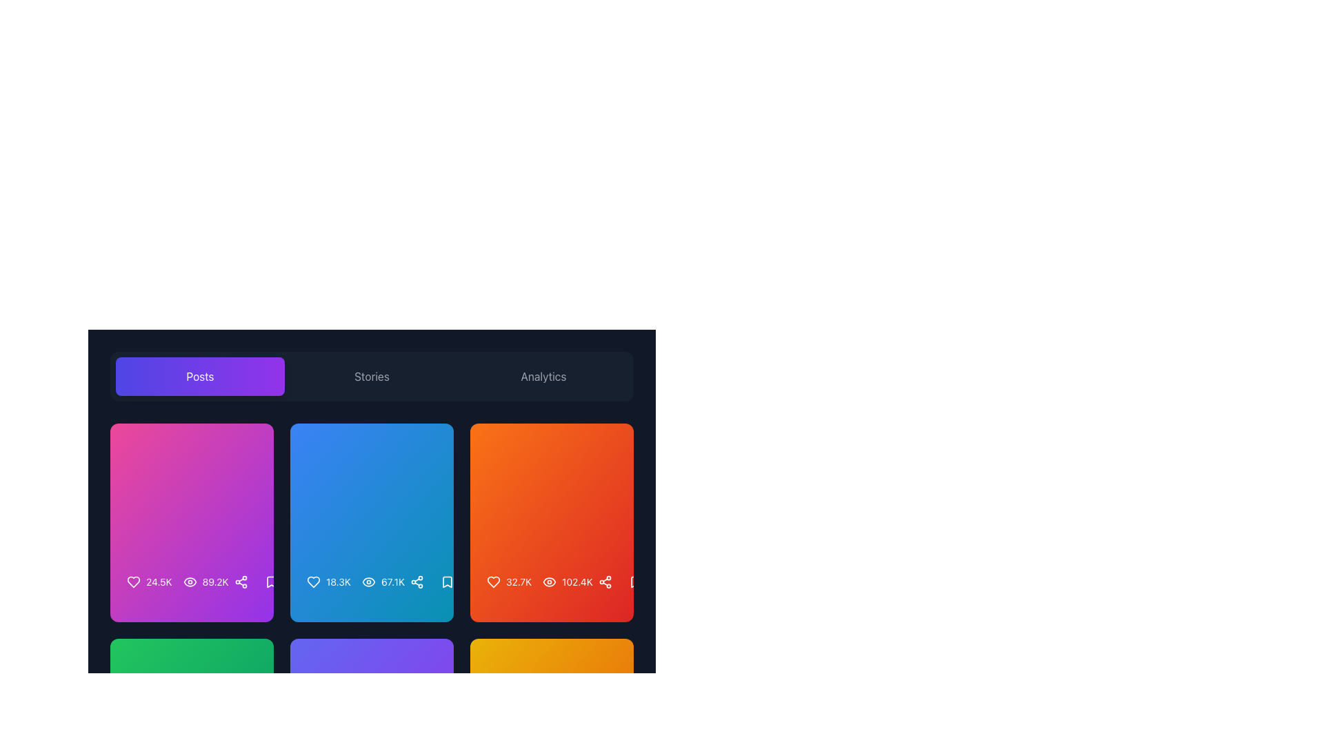 The width and height of the screenshot is (1324, 745). What do you see at coordinates (383, 582) in the screenshot?
I see `the text label displaying '67.1K' which is styled in white color with a small font size and located within a card-like structure with a blue background, next to an eye icon` at bounding box center [383, 582].